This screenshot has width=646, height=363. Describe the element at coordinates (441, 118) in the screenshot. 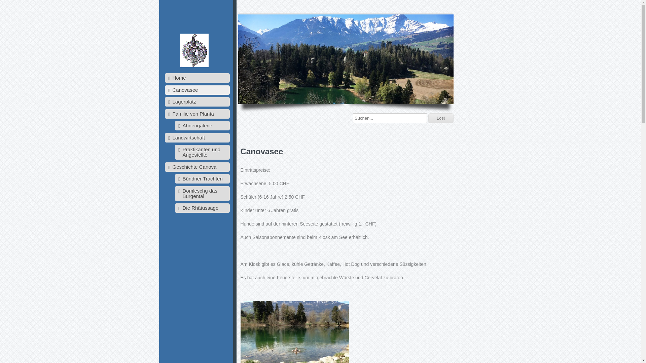

I see `'Los!'` at that location.